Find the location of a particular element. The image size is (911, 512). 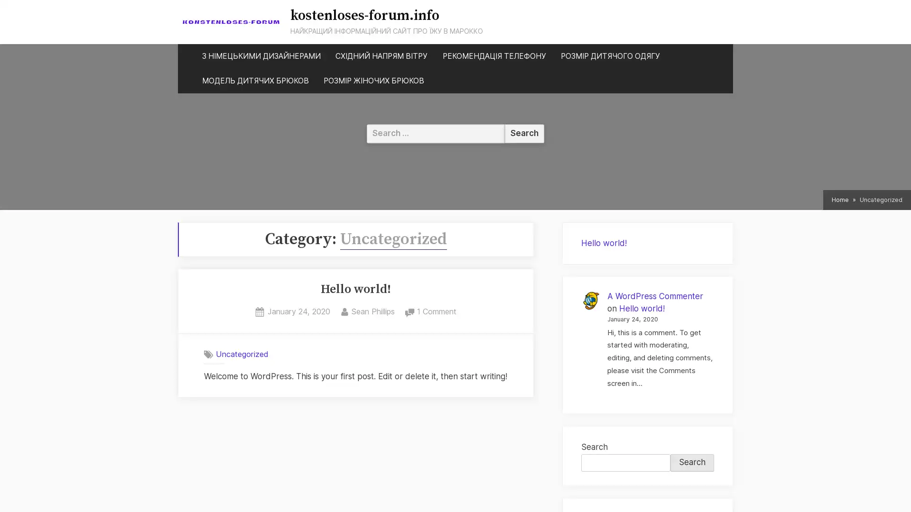

Search is located at coordinates (524, 133).